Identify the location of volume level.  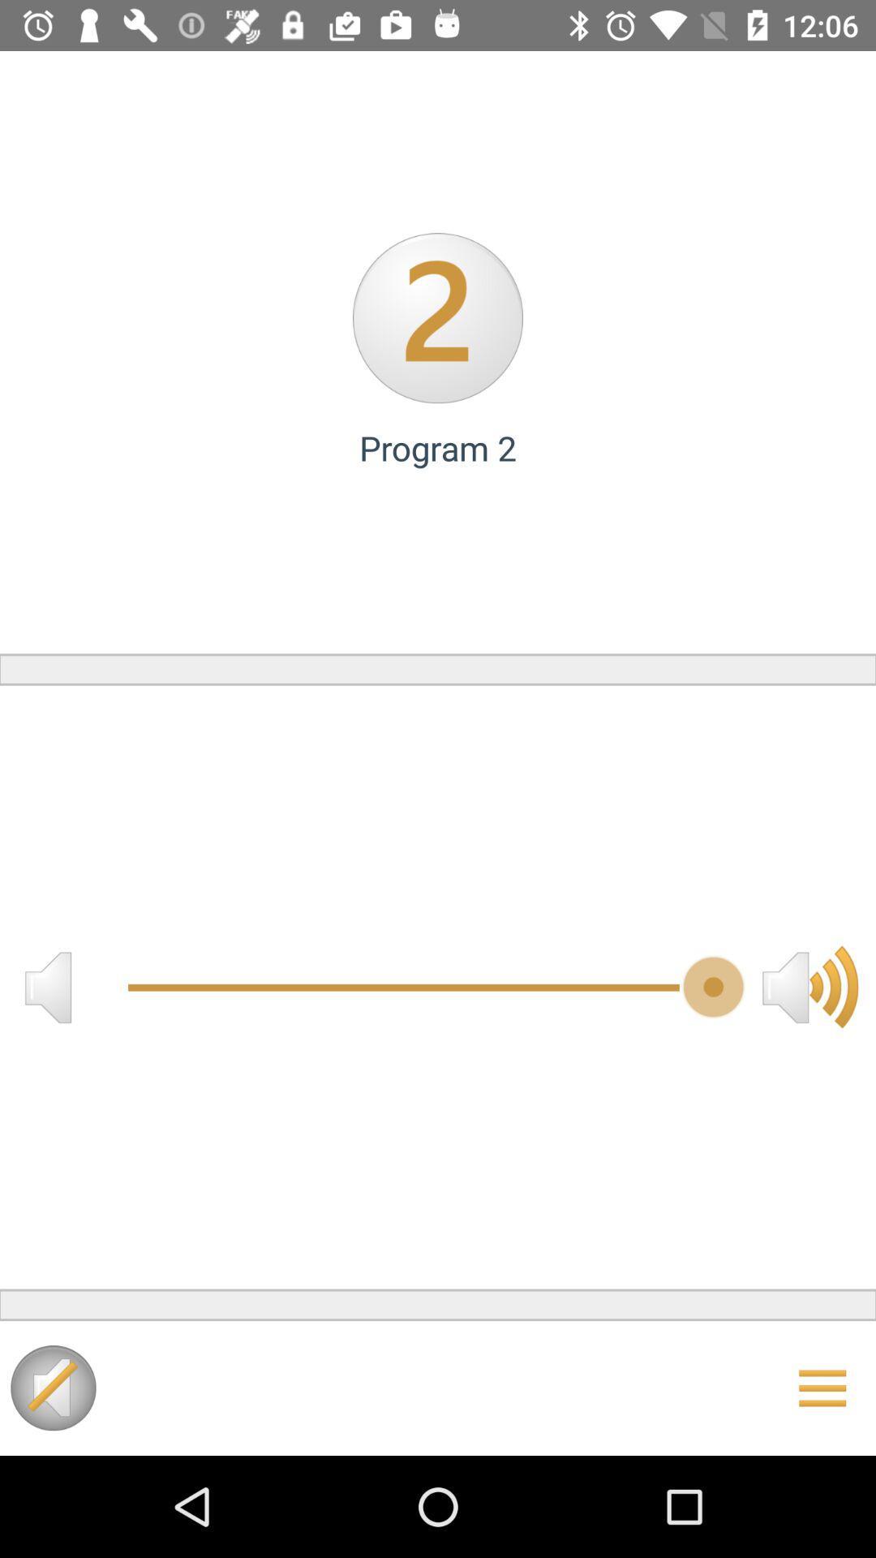
(810, 986).